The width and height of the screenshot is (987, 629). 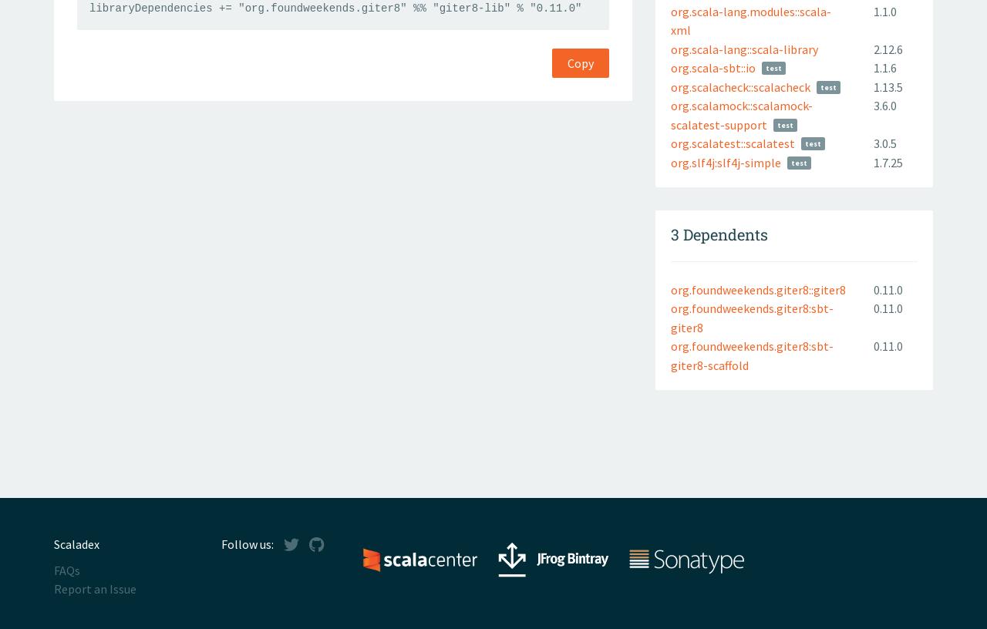 What do you see at coordinates (740, 86) in the screenshot?
I see `'org.scalacheck::scalacheck'` at bounding box center [740, 86].